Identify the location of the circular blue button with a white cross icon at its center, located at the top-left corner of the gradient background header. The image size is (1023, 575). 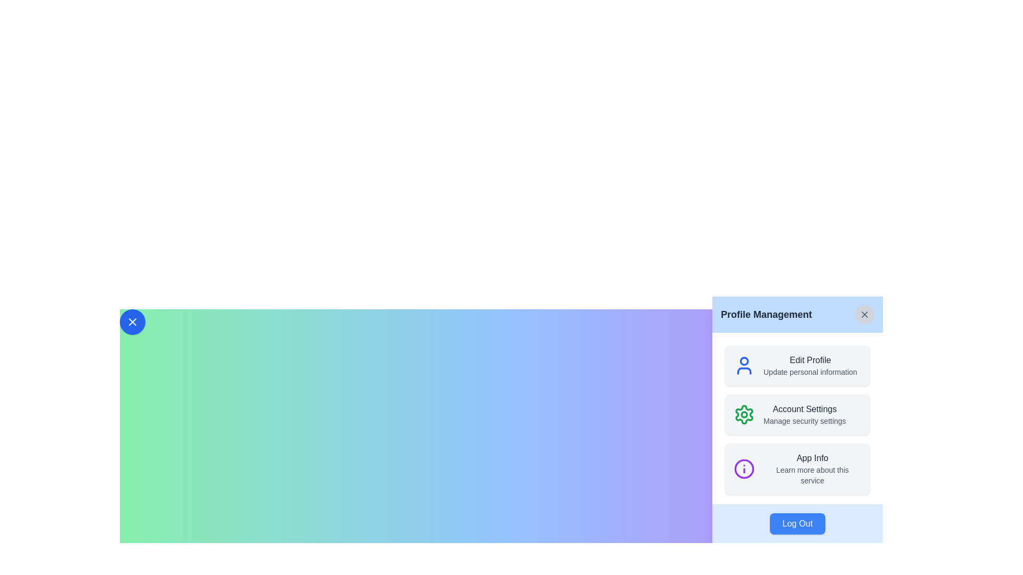
(132, 322).